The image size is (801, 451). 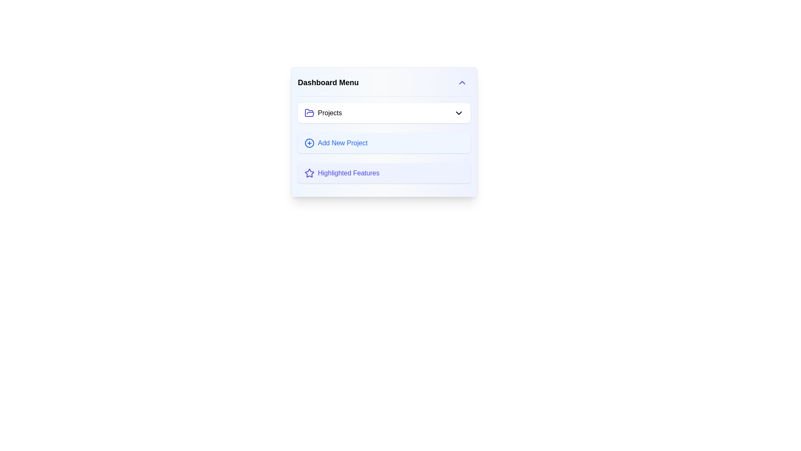 I want to click on the upward-facing chevron icon located in the top-right corner of the 'Dashboard Menu' card-style menu, so click(x=462, y=82).